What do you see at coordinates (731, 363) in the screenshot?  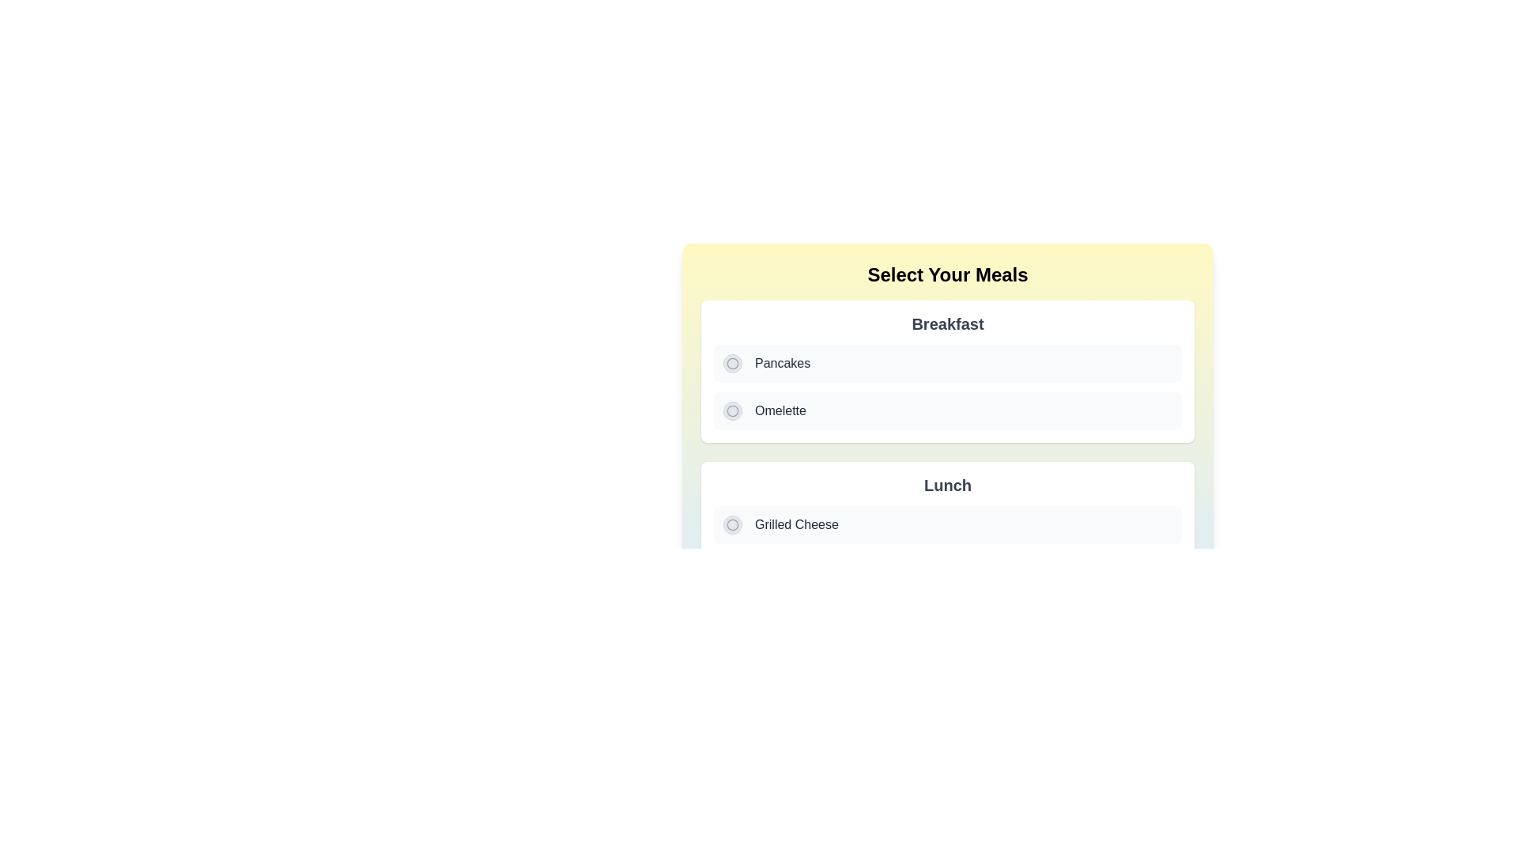 I see `the unselected radio button indicator for 'Pancakes' in the 'Breakfast' section of the meal selection interface` at bounding box center [731, 363].